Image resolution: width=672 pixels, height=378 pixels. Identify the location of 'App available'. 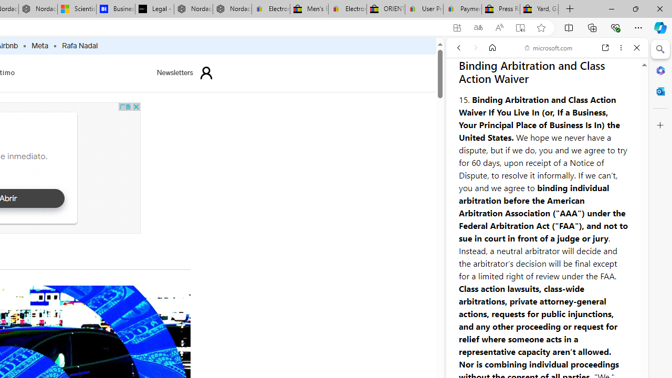
(457, 27).